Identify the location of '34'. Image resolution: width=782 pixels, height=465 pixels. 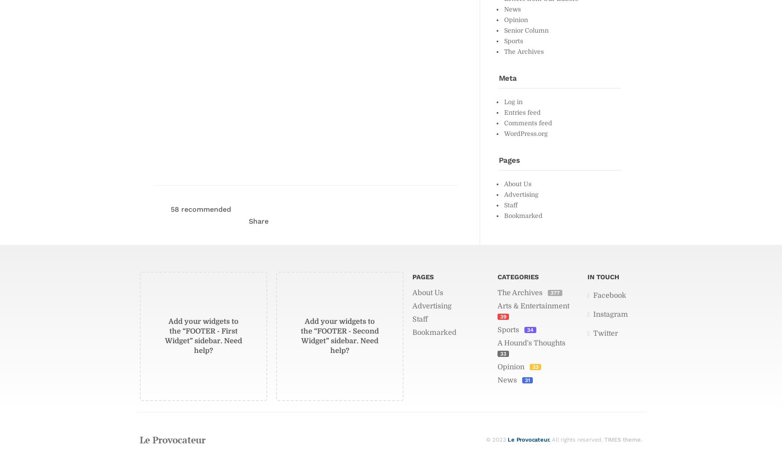
(530, 329).